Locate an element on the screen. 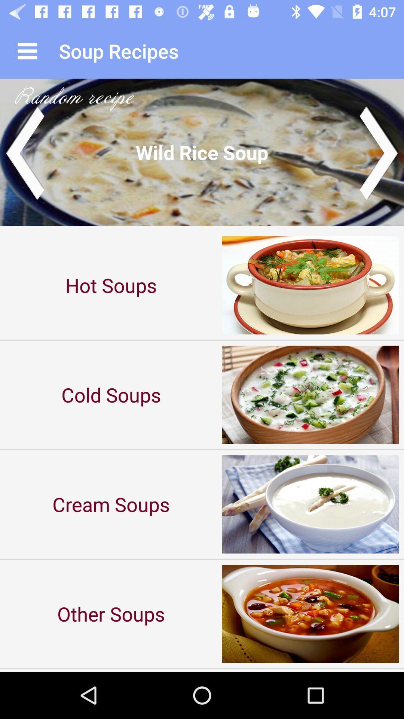 This screenshot has width=404, height=719. the hot soups icon is located at coordinates (111, 285).